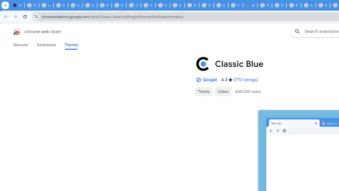 The width and height of the screenshot is (339, 191). Describe the element at coordinates (17, 32) in the screenshot. I see `'Chrome Web Store logo'` at that location.